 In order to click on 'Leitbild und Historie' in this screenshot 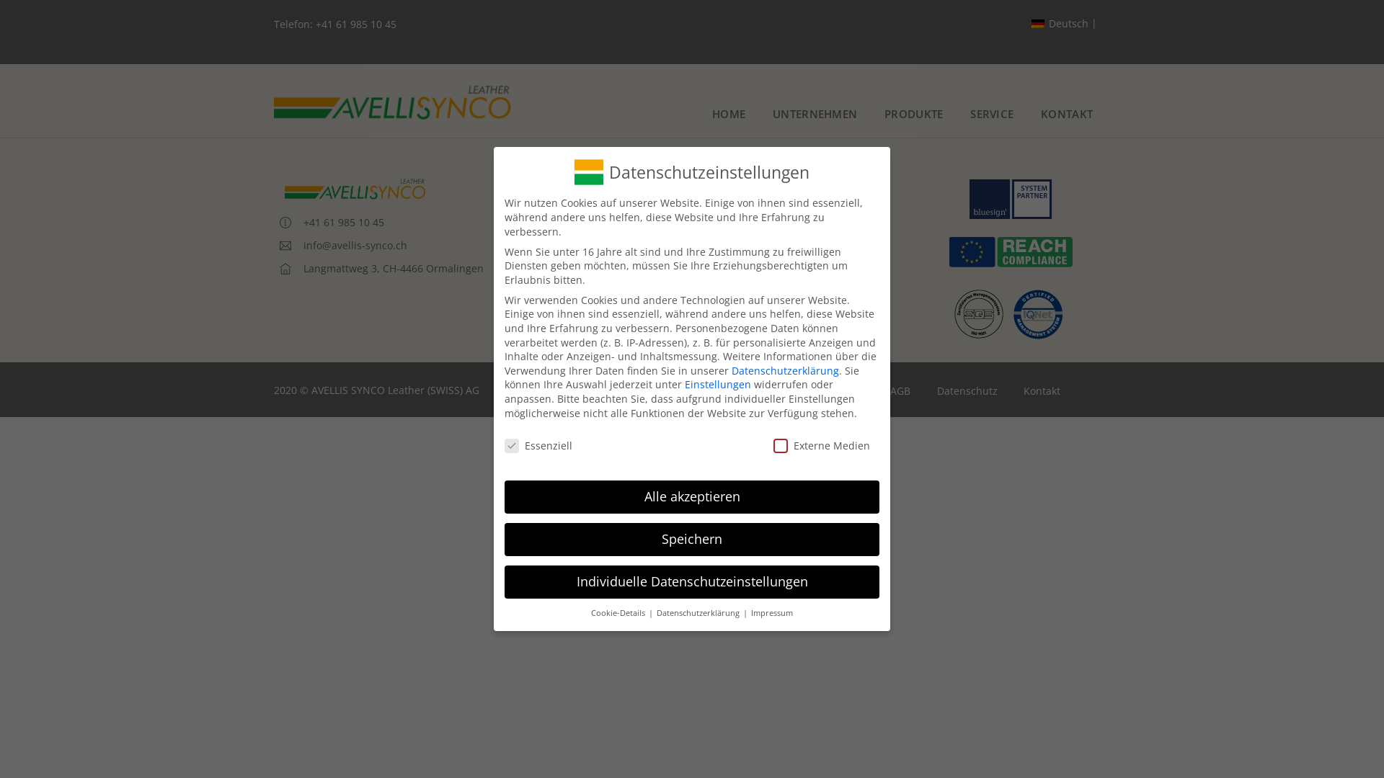, I will do `click(645, 211)`.